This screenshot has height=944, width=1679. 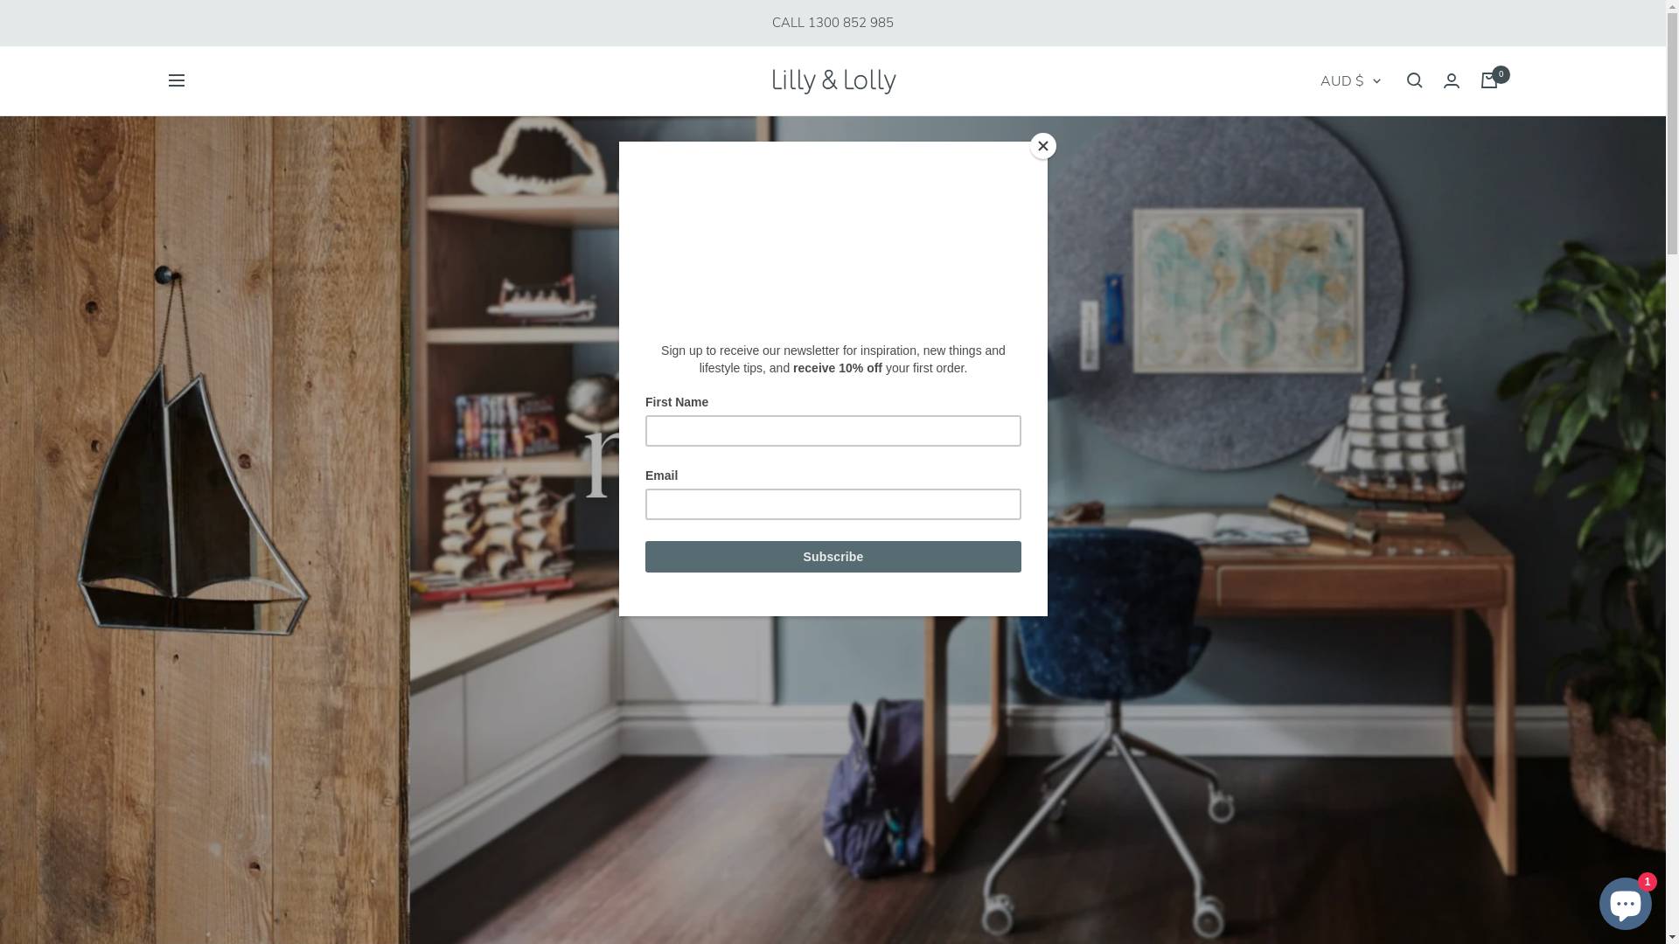 I want to click on 'Shopify online store chat', so click(x=1624, y=899).